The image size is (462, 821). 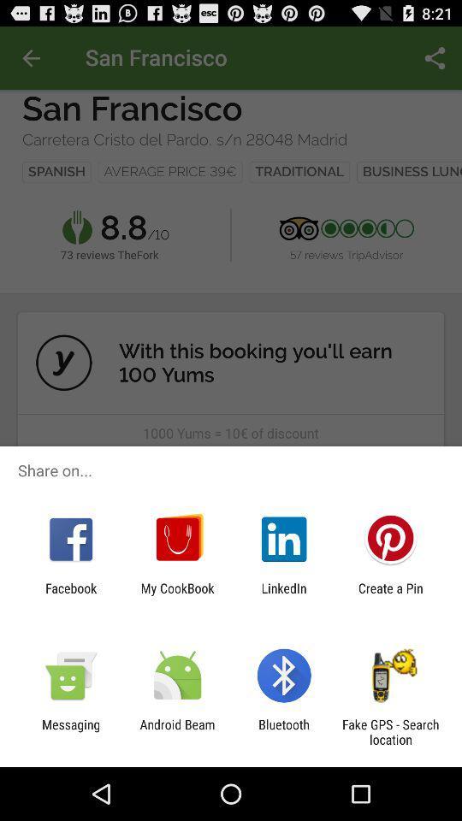 I want to click on icon next to the my cookbook icon, so click(x=70, y=595).